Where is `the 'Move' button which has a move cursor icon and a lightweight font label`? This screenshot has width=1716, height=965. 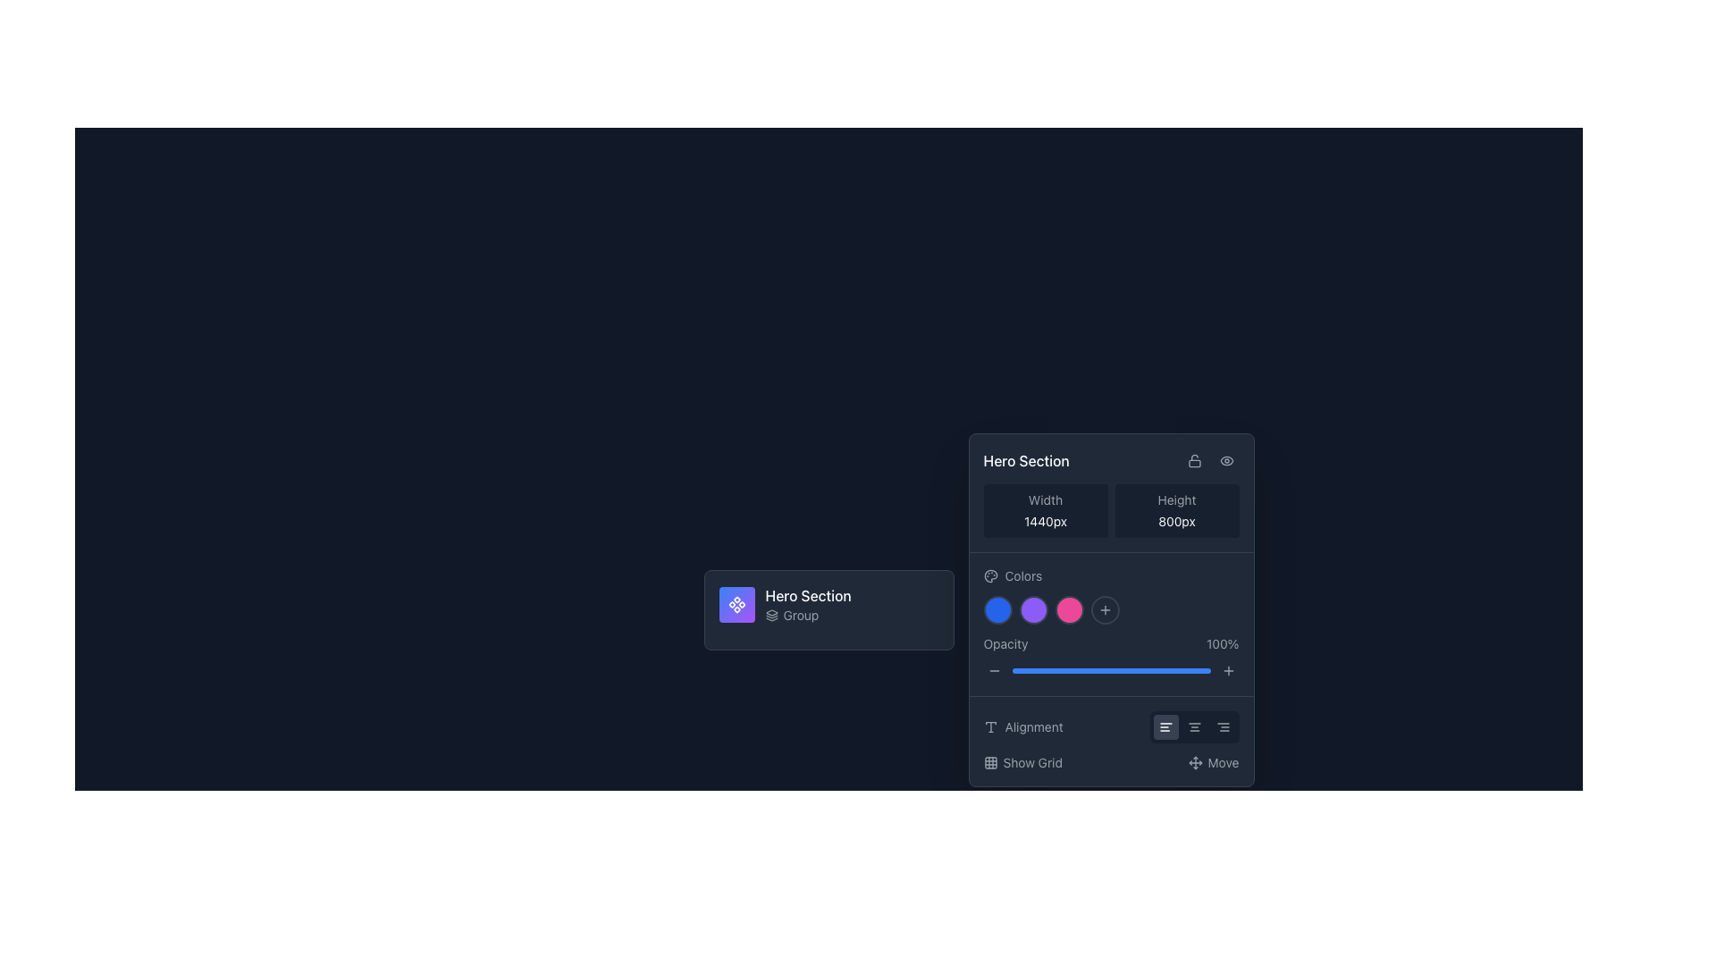
the 'Move' button which has a move cursor icon and a lightweight font label is located at coordinates (1214, 762).